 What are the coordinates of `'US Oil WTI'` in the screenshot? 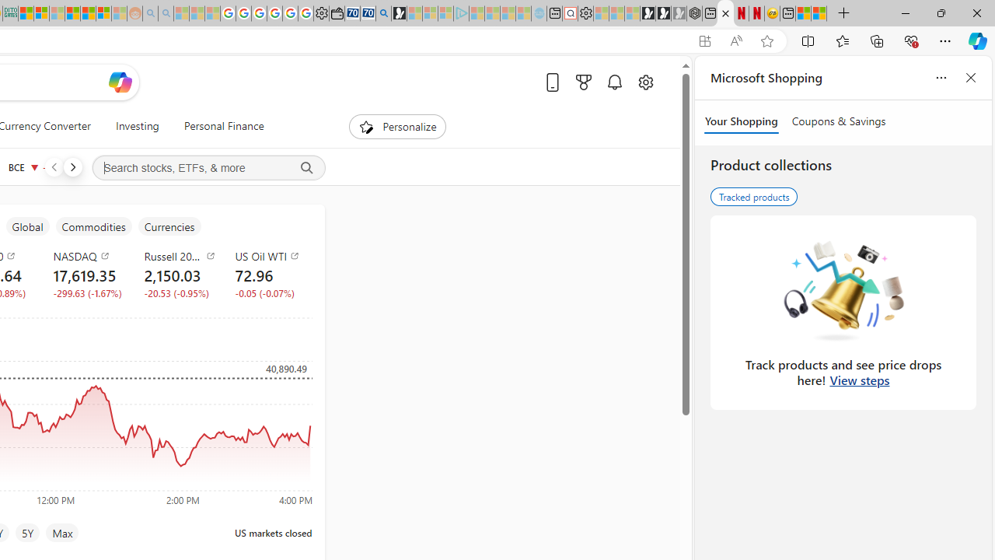 It's located at (271, 255).